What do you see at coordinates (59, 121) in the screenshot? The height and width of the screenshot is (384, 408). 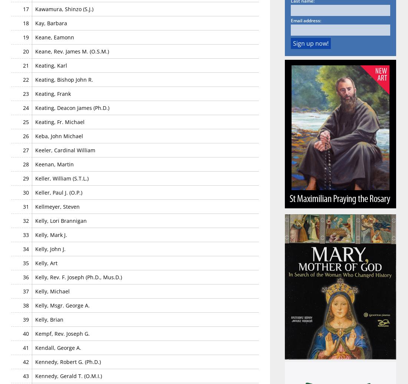 I see `'Keating, Fr. Michael'` at bounding box center [59, 121].